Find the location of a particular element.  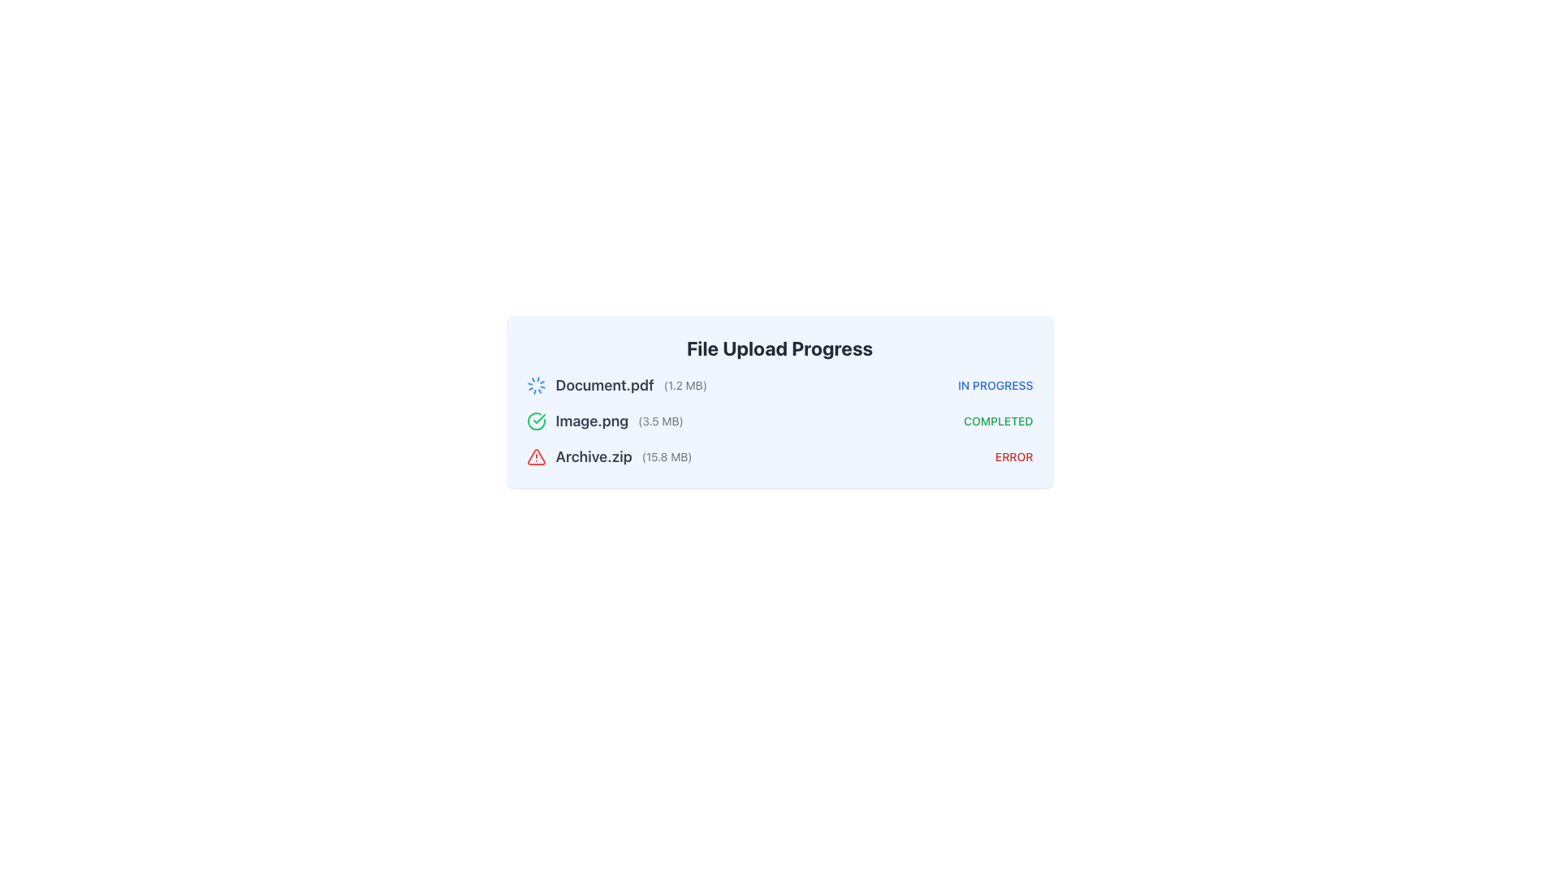

the 'IN PROGRESS' text label indicating the current file transfer status for 'Document.pdf' located in the 'File Upload Progress' section is located at coordinates (995, 385).